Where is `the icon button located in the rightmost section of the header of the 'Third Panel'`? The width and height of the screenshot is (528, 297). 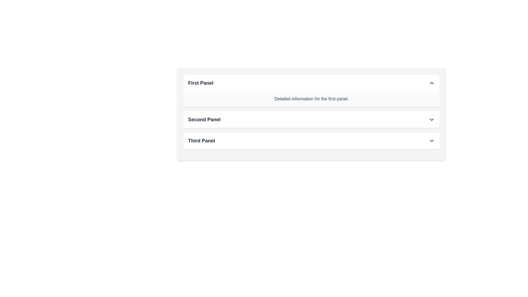 the icon button located in the rightmost section of the header of the 'Third Panel' is located at coordinates (431, 141).